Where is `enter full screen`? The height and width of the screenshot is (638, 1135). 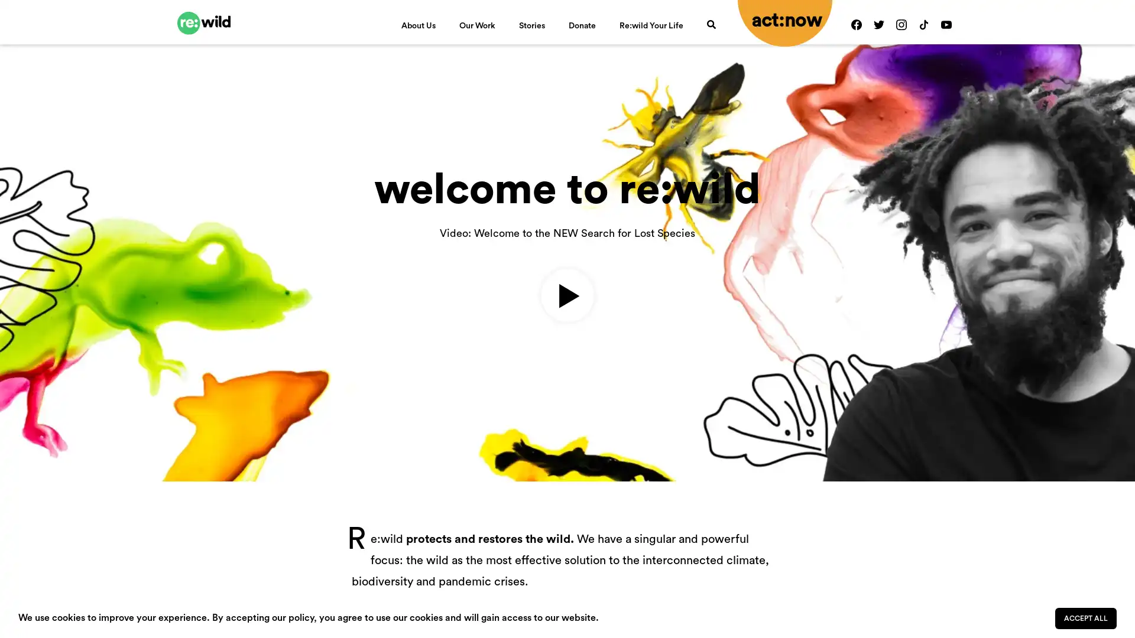
enter full screen is located at coordinates (1069, 399).